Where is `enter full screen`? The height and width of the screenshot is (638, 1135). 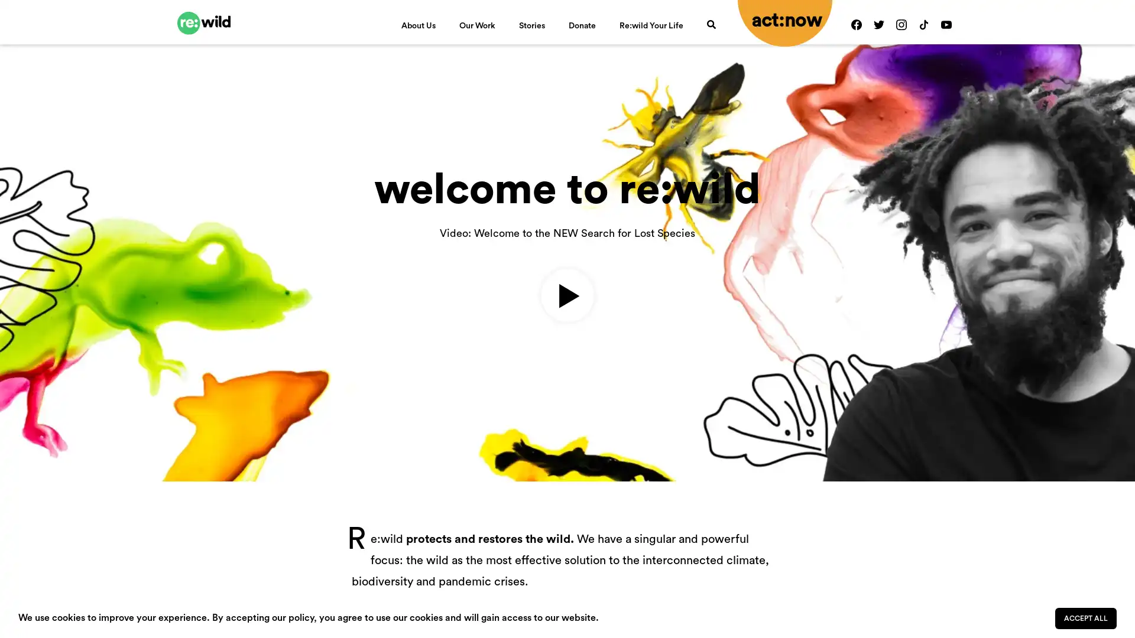
enter full screen is located at coordinates (1069, 399).